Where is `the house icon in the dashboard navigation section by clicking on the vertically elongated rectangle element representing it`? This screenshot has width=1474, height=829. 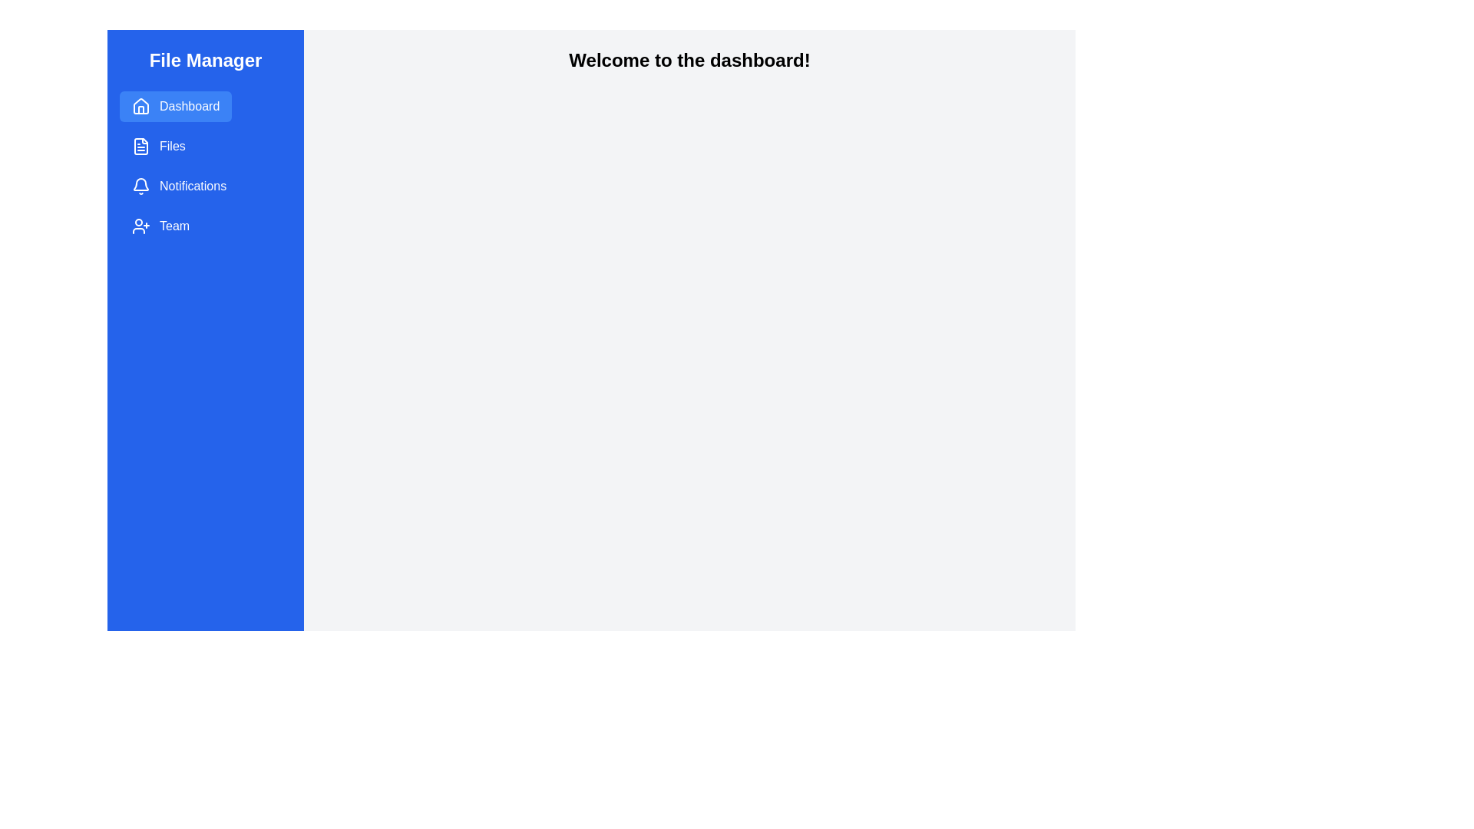
the house icon in the dashboard navigation section by clicking on the vertically elongated rectangle element representing it is located at coordinates (140, 109).